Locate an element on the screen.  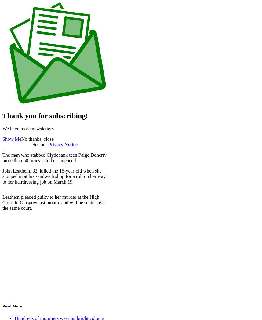
'Show Me' is located at coordinates (12, 139).